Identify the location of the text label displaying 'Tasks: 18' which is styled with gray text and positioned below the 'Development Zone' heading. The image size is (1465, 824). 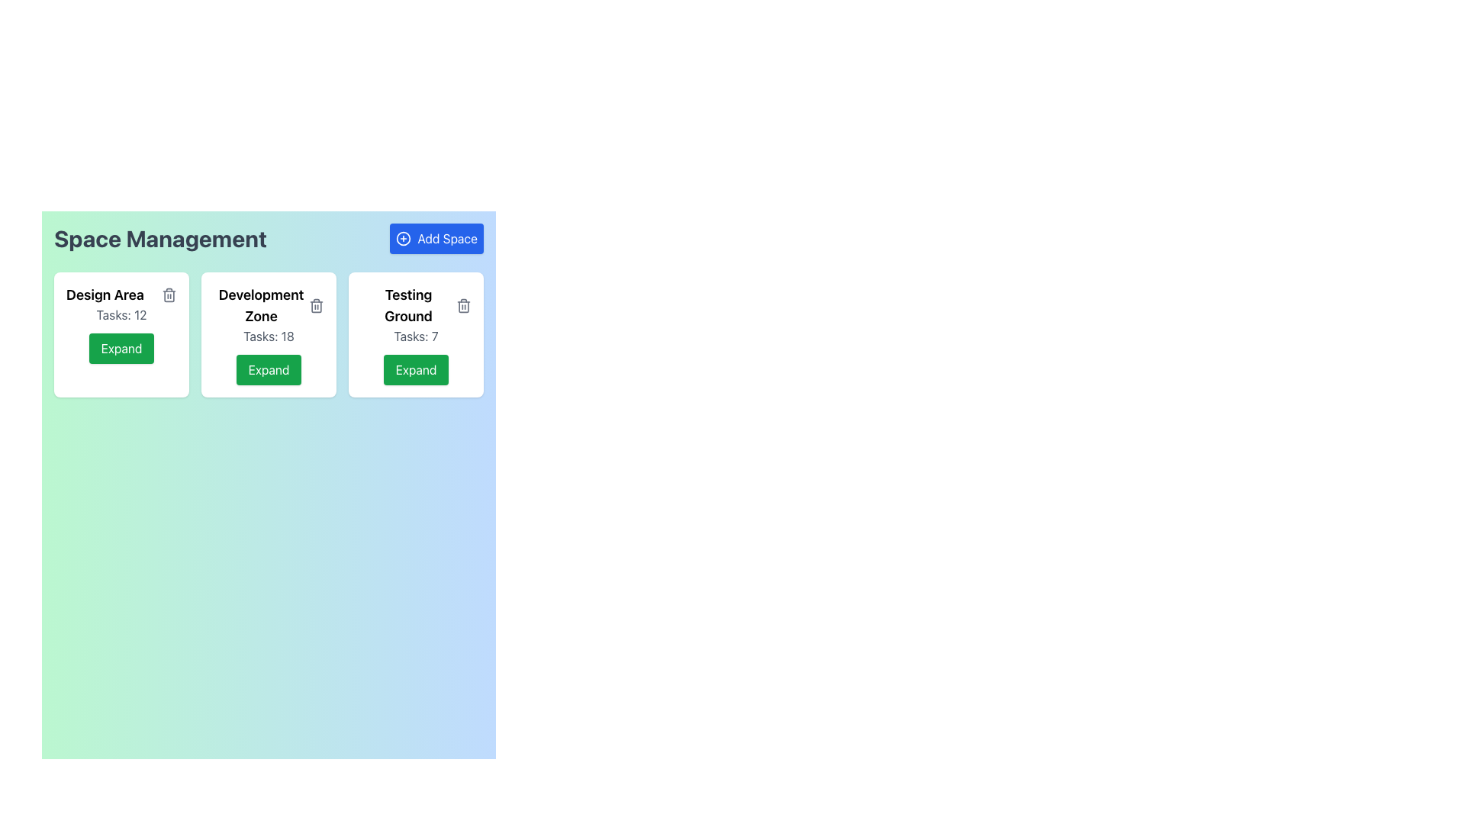
(269, 335).